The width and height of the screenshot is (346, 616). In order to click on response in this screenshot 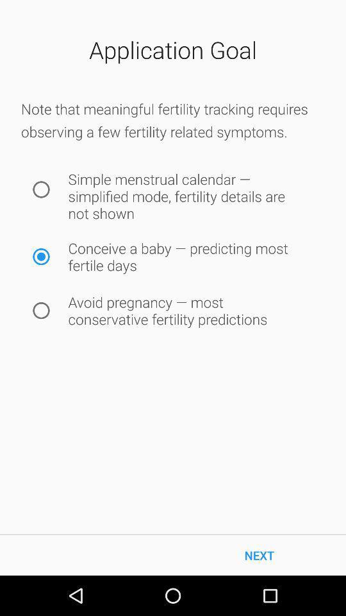, I will do `click(41, 310)`.